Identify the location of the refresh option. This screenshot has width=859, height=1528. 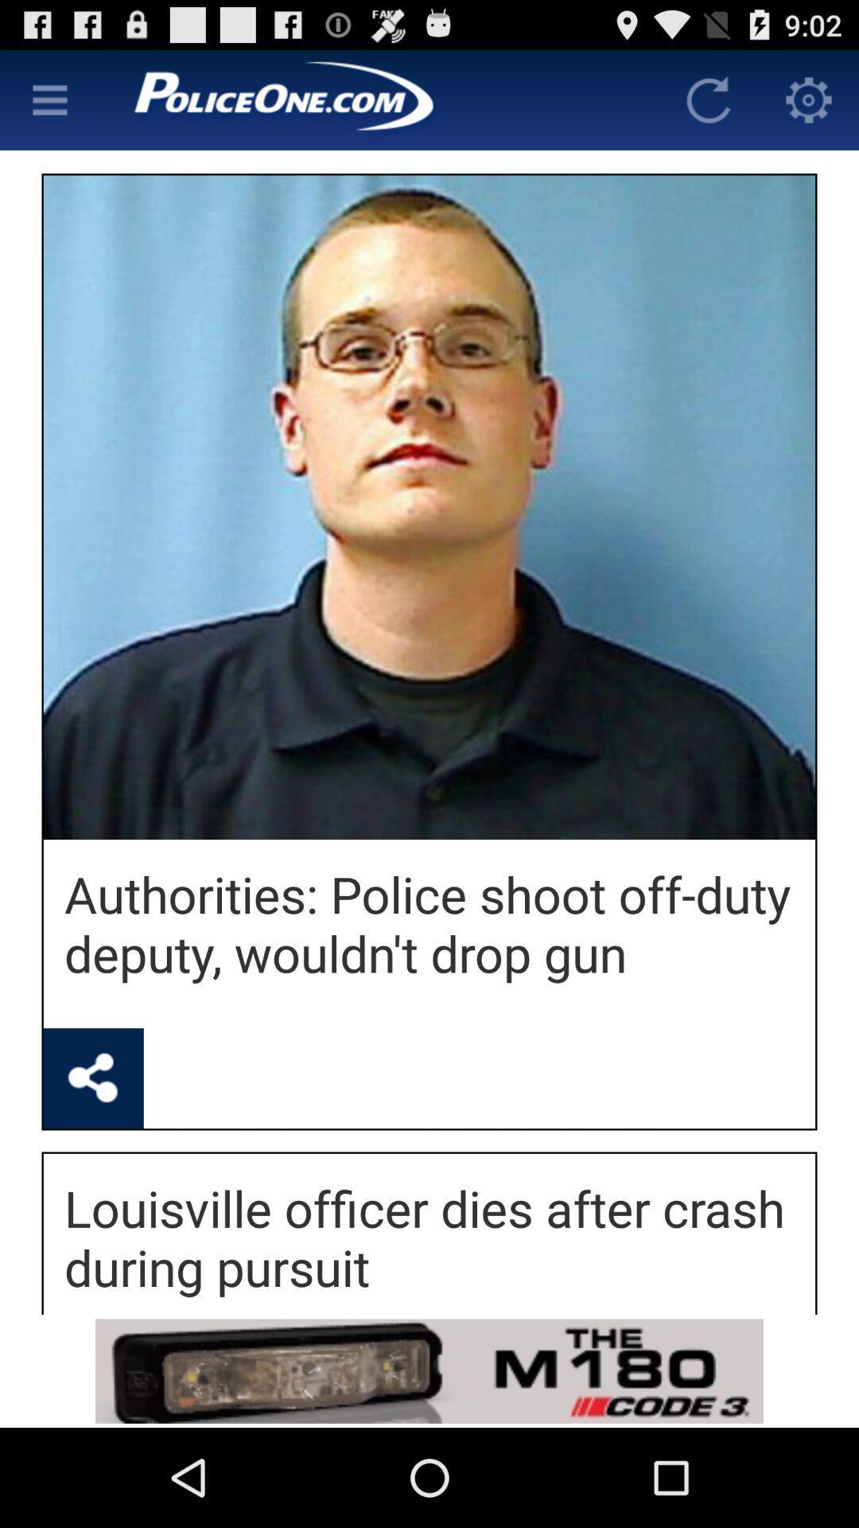
(708, 99).